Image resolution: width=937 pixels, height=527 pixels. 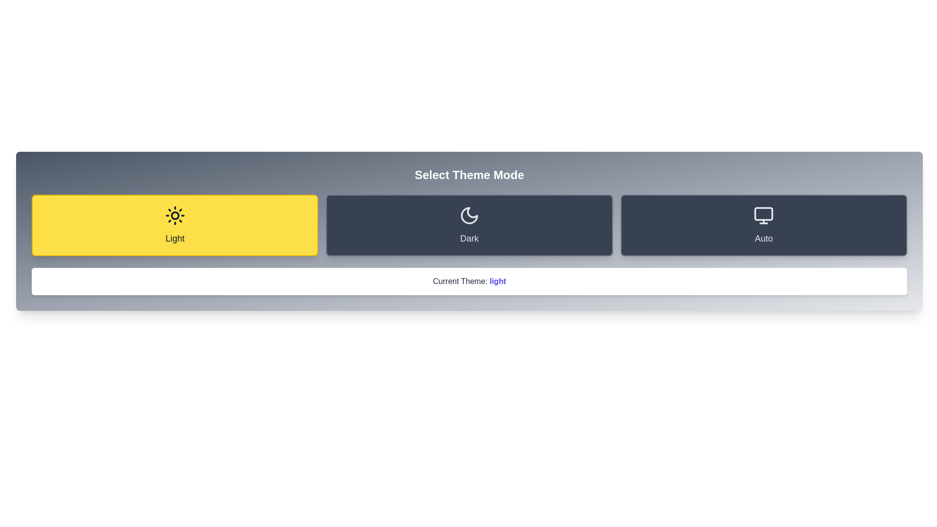 I want to click on the sun-shaped icon representing brightness, located within the 'Light' button, which is the first option in the theme mode layout, so click(x=175, y=215).